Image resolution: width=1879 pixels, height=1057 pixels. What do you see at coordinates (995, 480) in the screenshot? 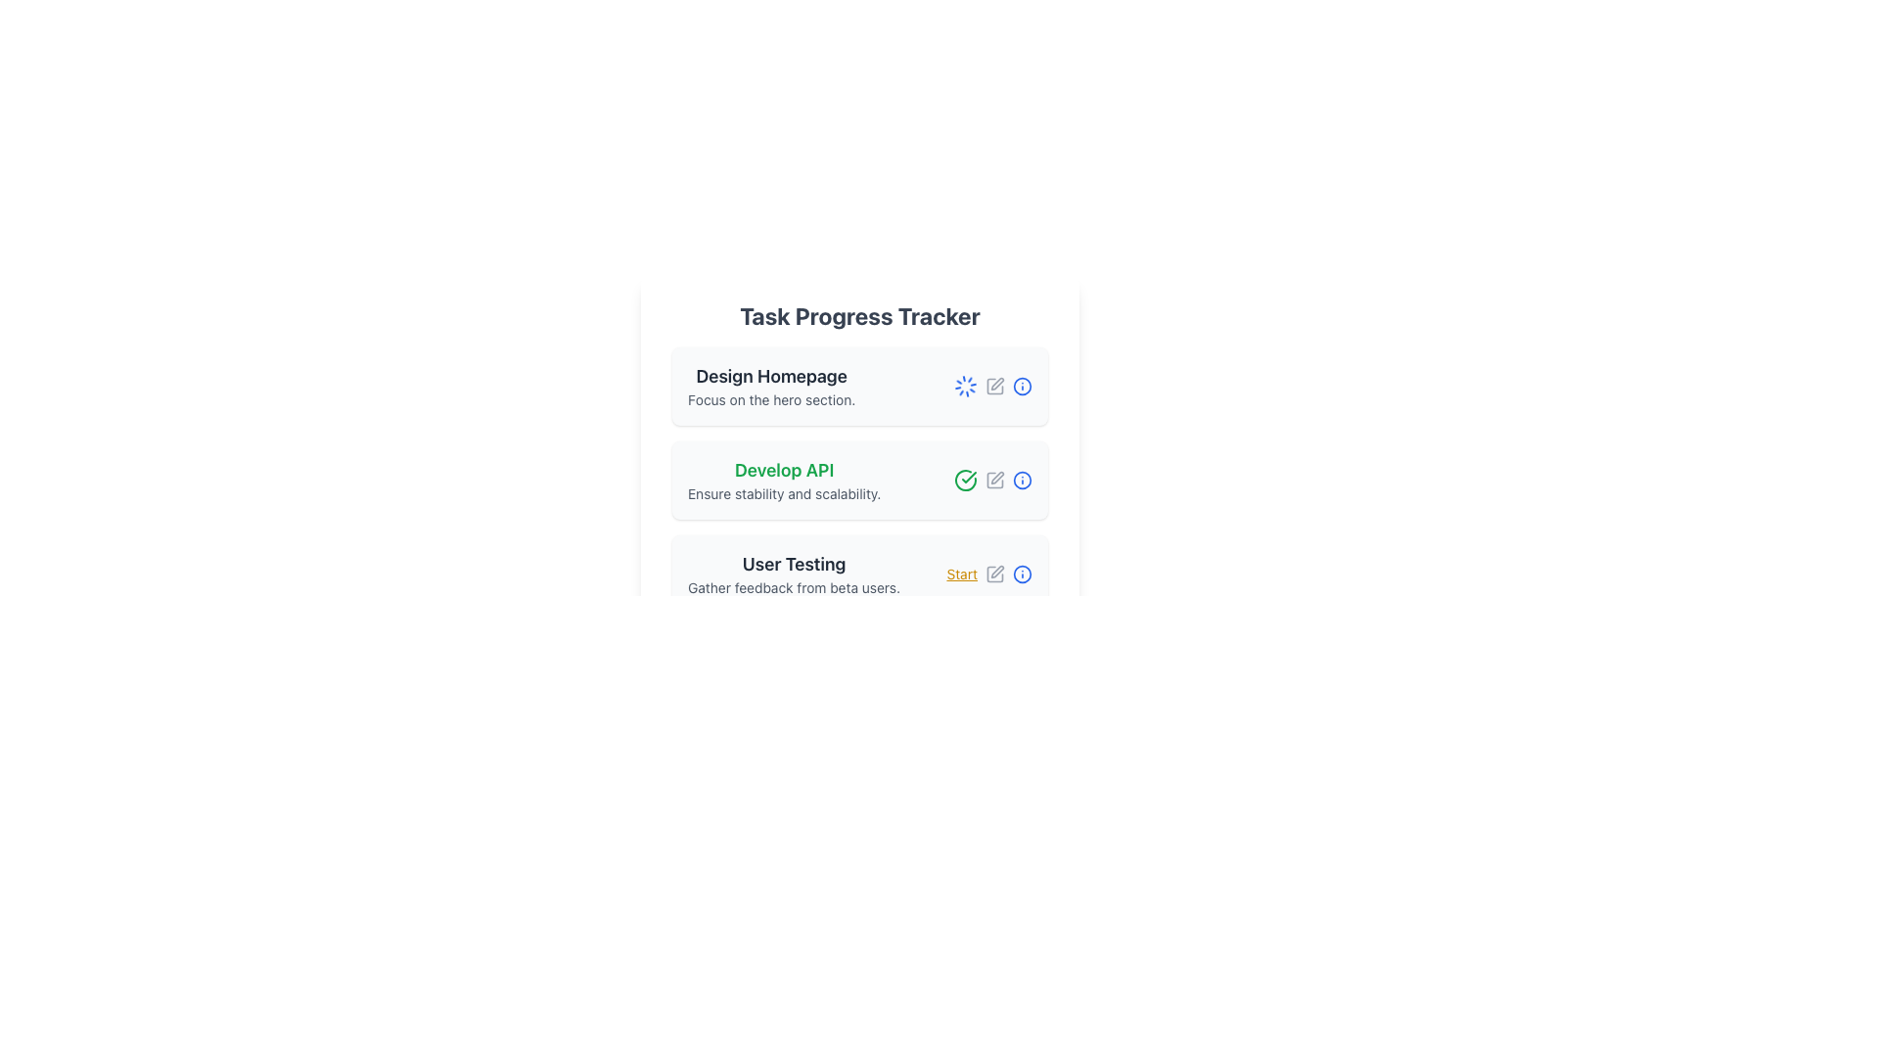
I see `the pen icon button in the 'Develop API' section of the Task Progress Tracker to change its color from gray to green` at bounding box center [995, 480].